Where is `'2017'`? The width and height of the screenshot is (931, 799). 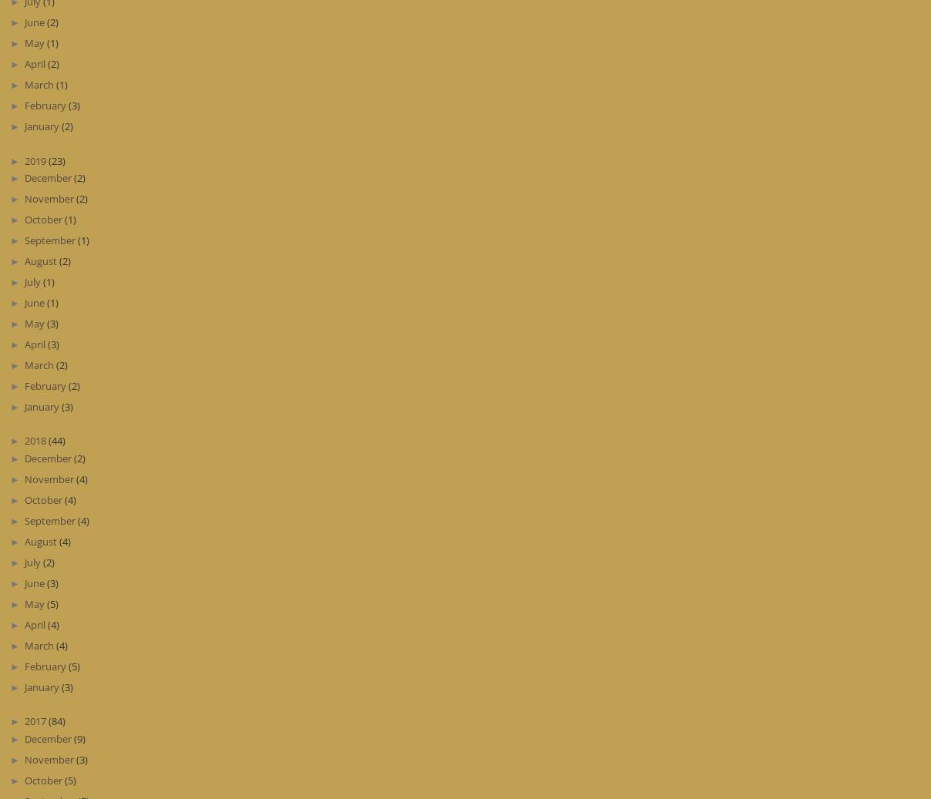
'2017' is located at coordinates (35, 720).